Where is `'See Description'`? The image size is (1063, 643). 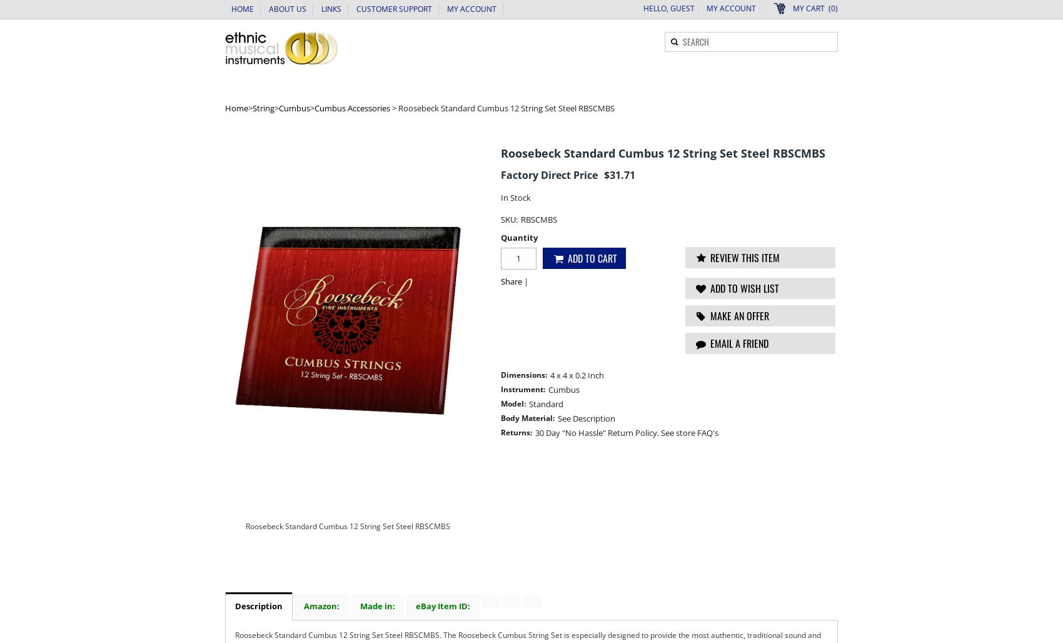 'See Description' is located at coordinates (587, 418).